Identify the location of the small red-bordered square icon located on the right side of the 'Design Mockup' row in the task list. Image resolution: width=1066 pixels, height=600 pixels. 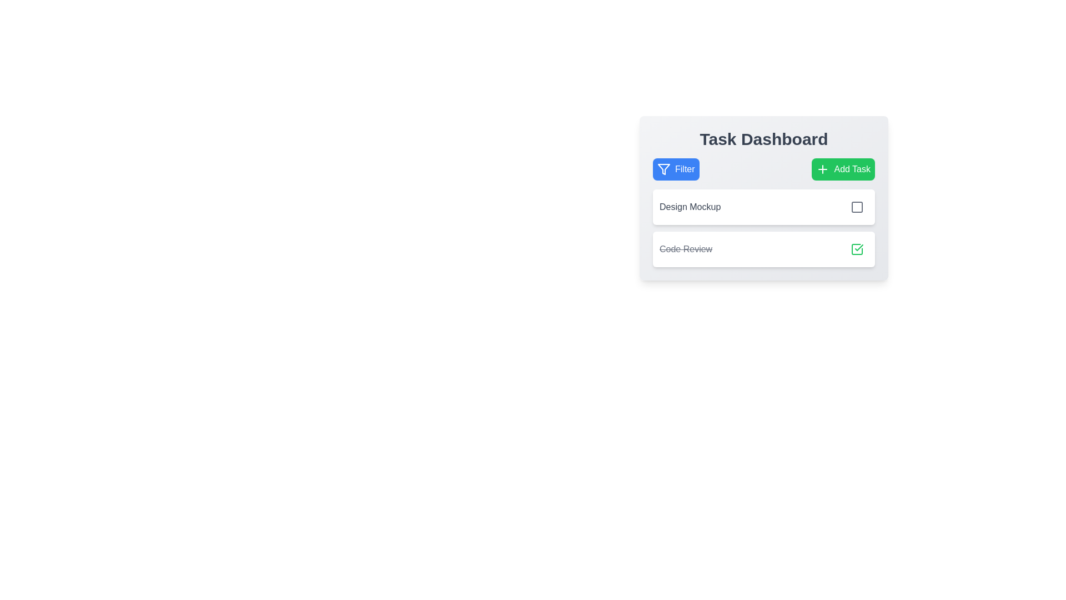
(857, 207).